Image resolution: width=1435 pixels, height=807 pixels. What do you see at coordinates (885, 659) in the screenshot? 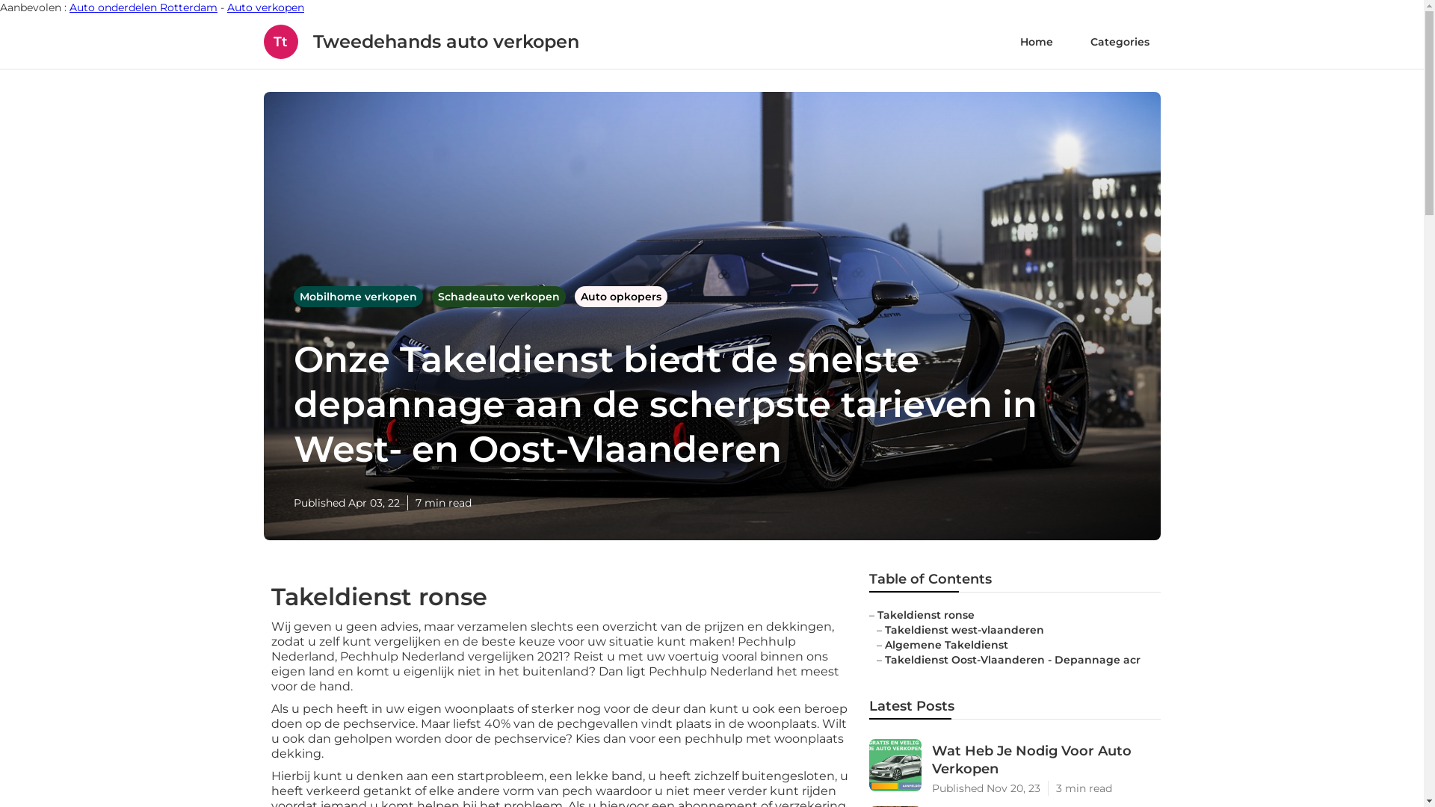
I see `'Takeldienst Oost-Vlaanderen - Depannage acr'` at bounding box center [885, 659].